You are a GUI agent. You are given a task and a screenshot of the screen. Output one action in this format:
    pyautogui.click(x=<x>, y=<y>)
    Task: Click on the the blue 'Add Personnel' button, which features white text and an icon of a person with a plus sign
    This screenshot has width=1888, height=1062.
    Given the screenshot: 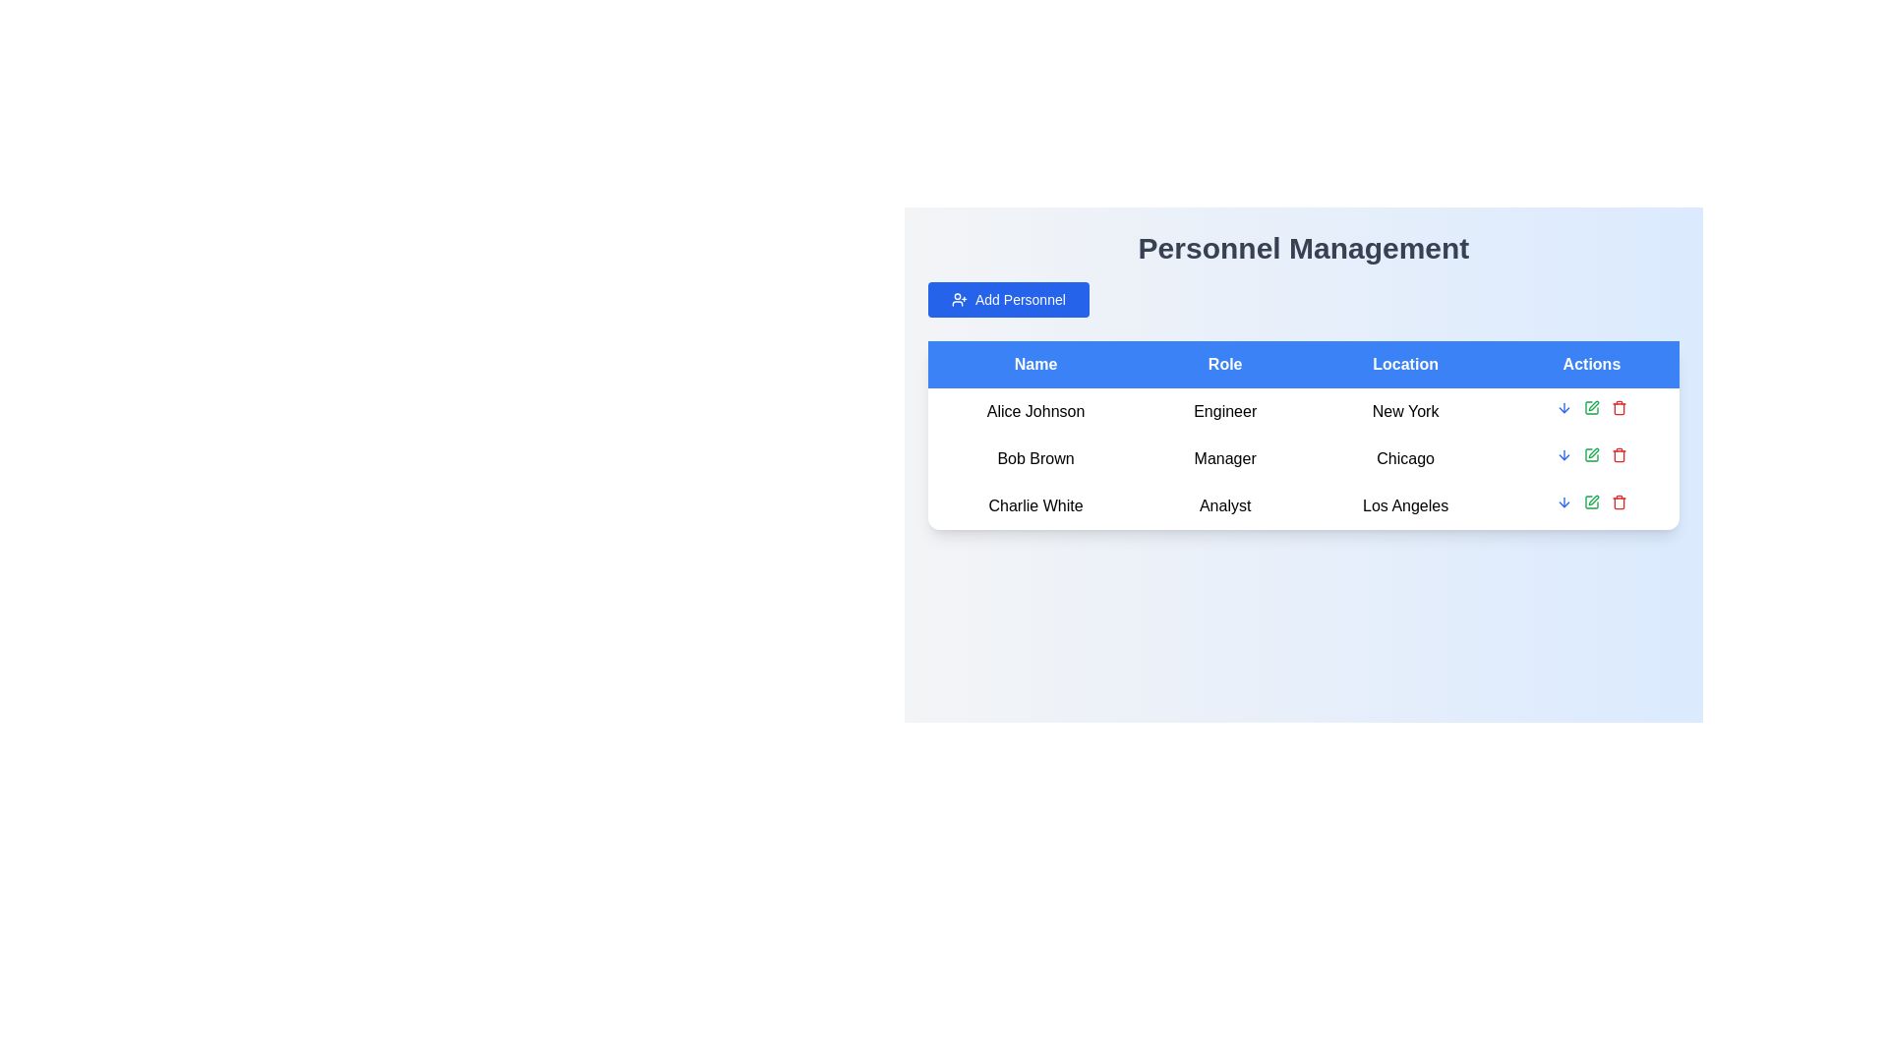 What is the action you would take?
    pyautogui.click(x=1008, y=299)
    